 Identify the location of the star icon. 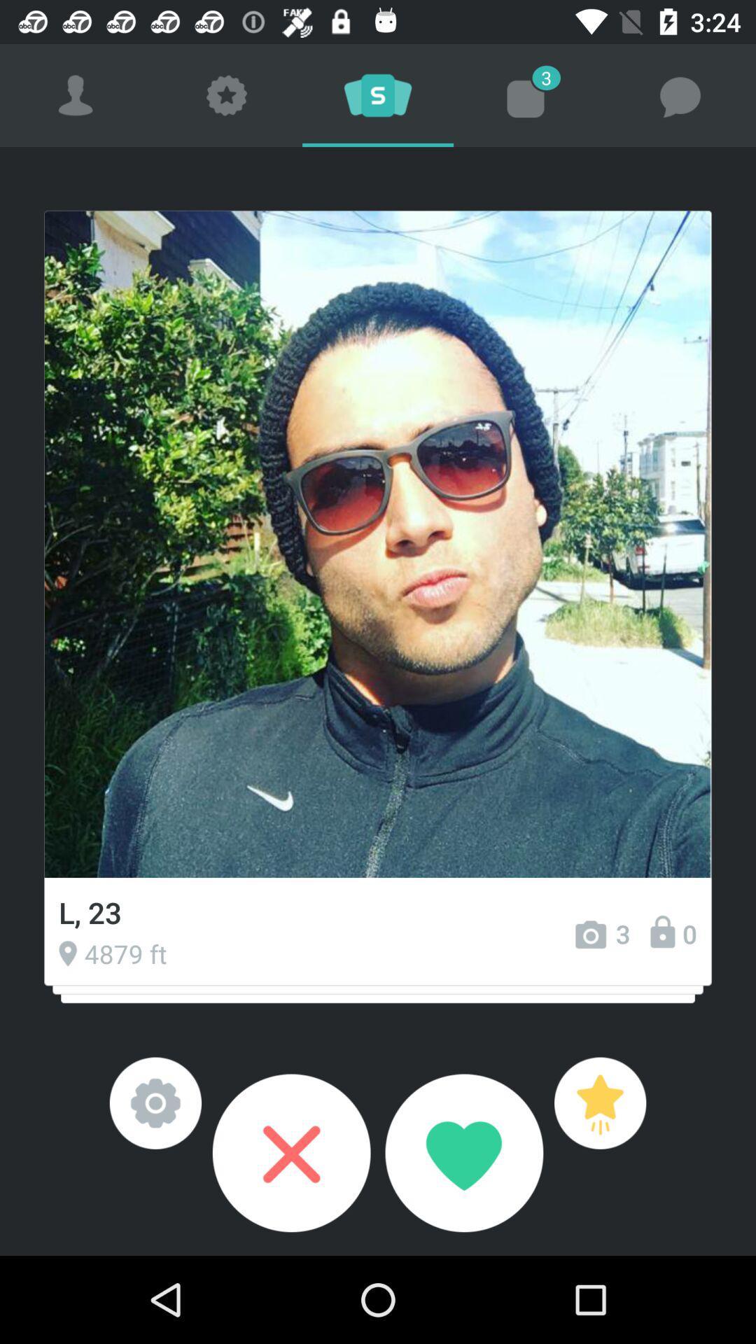
(599, 1102).